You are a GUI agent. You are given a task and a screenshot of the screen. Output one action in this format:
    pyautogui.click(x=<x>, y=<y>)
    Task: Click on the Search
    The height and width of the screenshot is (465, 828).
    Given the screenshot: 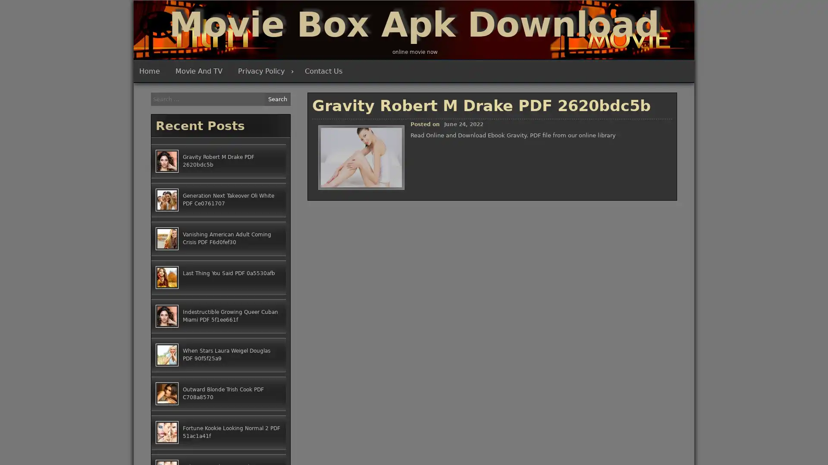 What is the action you would take?
    pyautogui.click(x=277, y=99)
    